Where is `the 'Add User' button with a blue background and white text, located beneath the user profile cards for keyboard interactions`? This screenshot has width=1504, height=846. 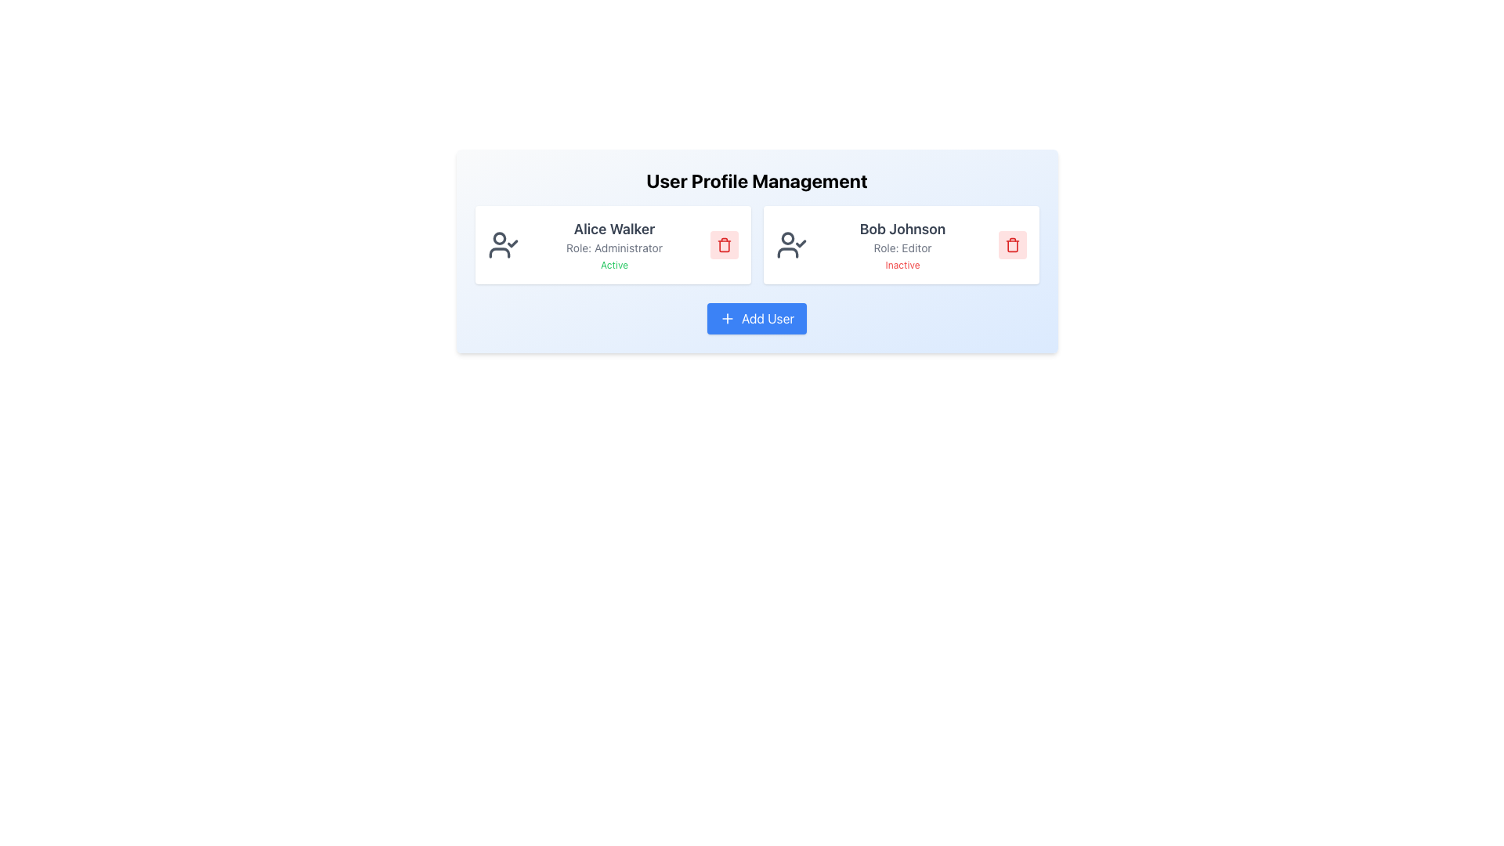
the 'Add User' button with a blue background and white text, located beneath the user profile cards for keyboard interactions is located at coordinates (757, 318).